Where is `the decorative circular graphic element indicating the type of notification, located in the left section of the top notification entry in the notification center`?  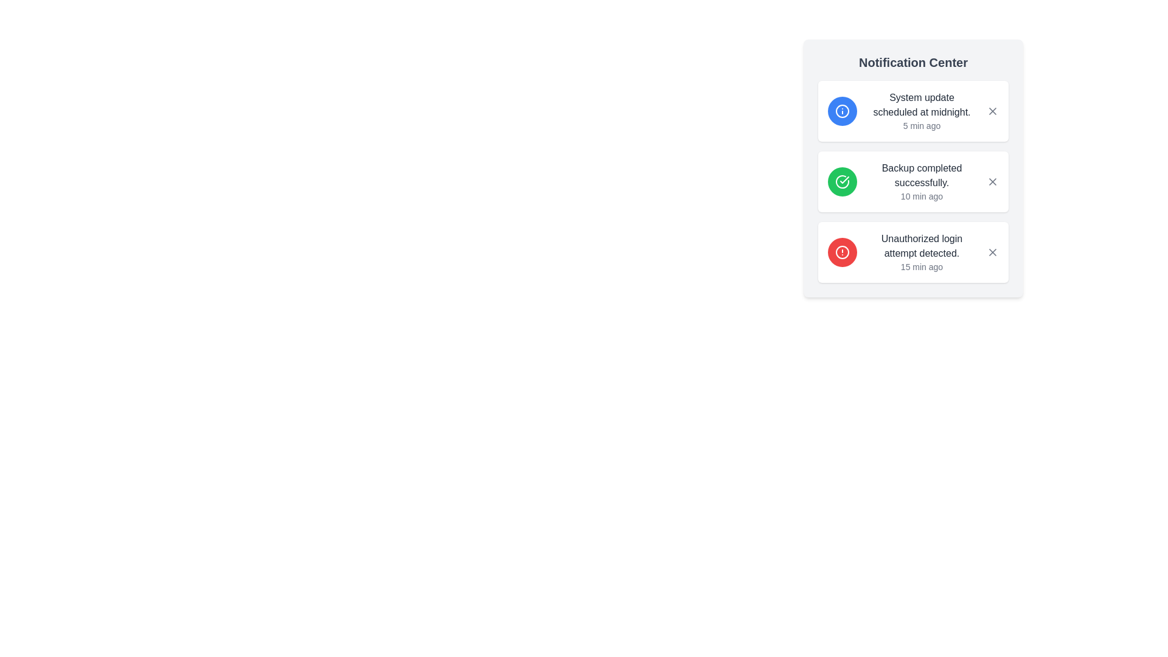
the decorative circular graphic element indicating the type of notification, located in the left section of the top notification entry in the notification center is located at coordinates (842, 111).